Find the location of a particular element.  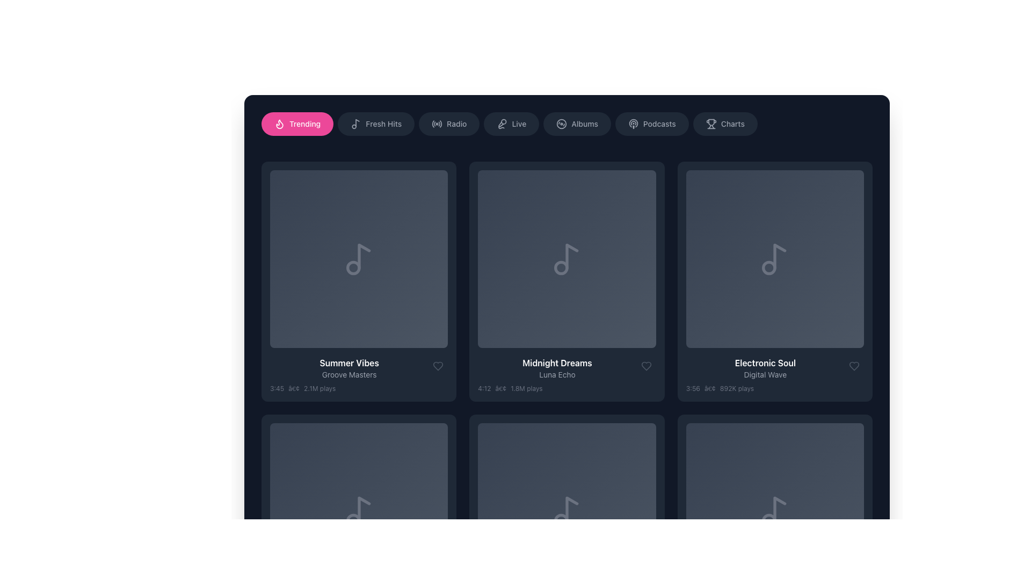

the third text label displaying the play count for the music item titled 'Summer Vibes' by 'Groove Masters' is located at coordinates (319, 389).